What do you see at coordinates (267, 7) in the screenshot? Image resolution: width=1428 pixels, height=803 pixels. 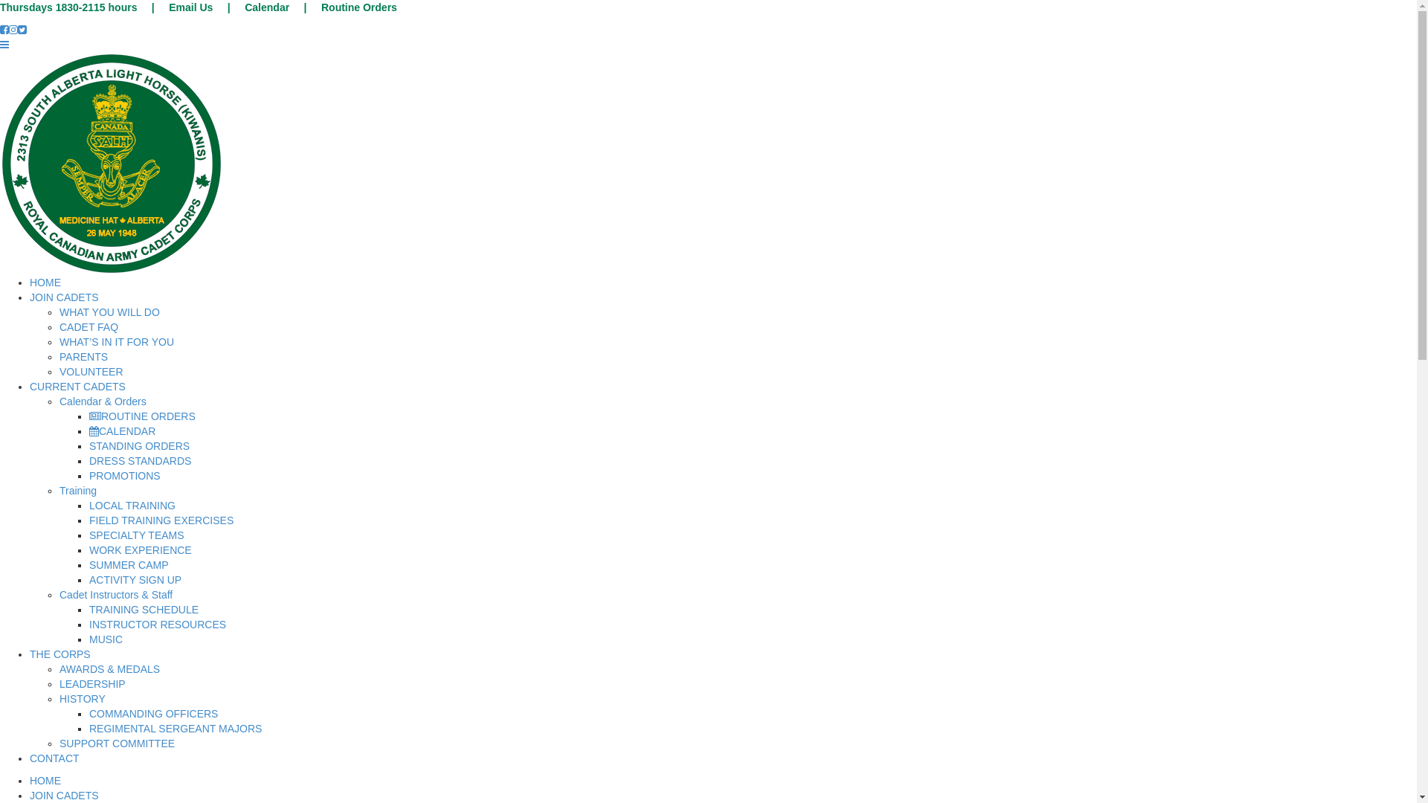 I see `'Calendar'` at bounding box center [267, 7].